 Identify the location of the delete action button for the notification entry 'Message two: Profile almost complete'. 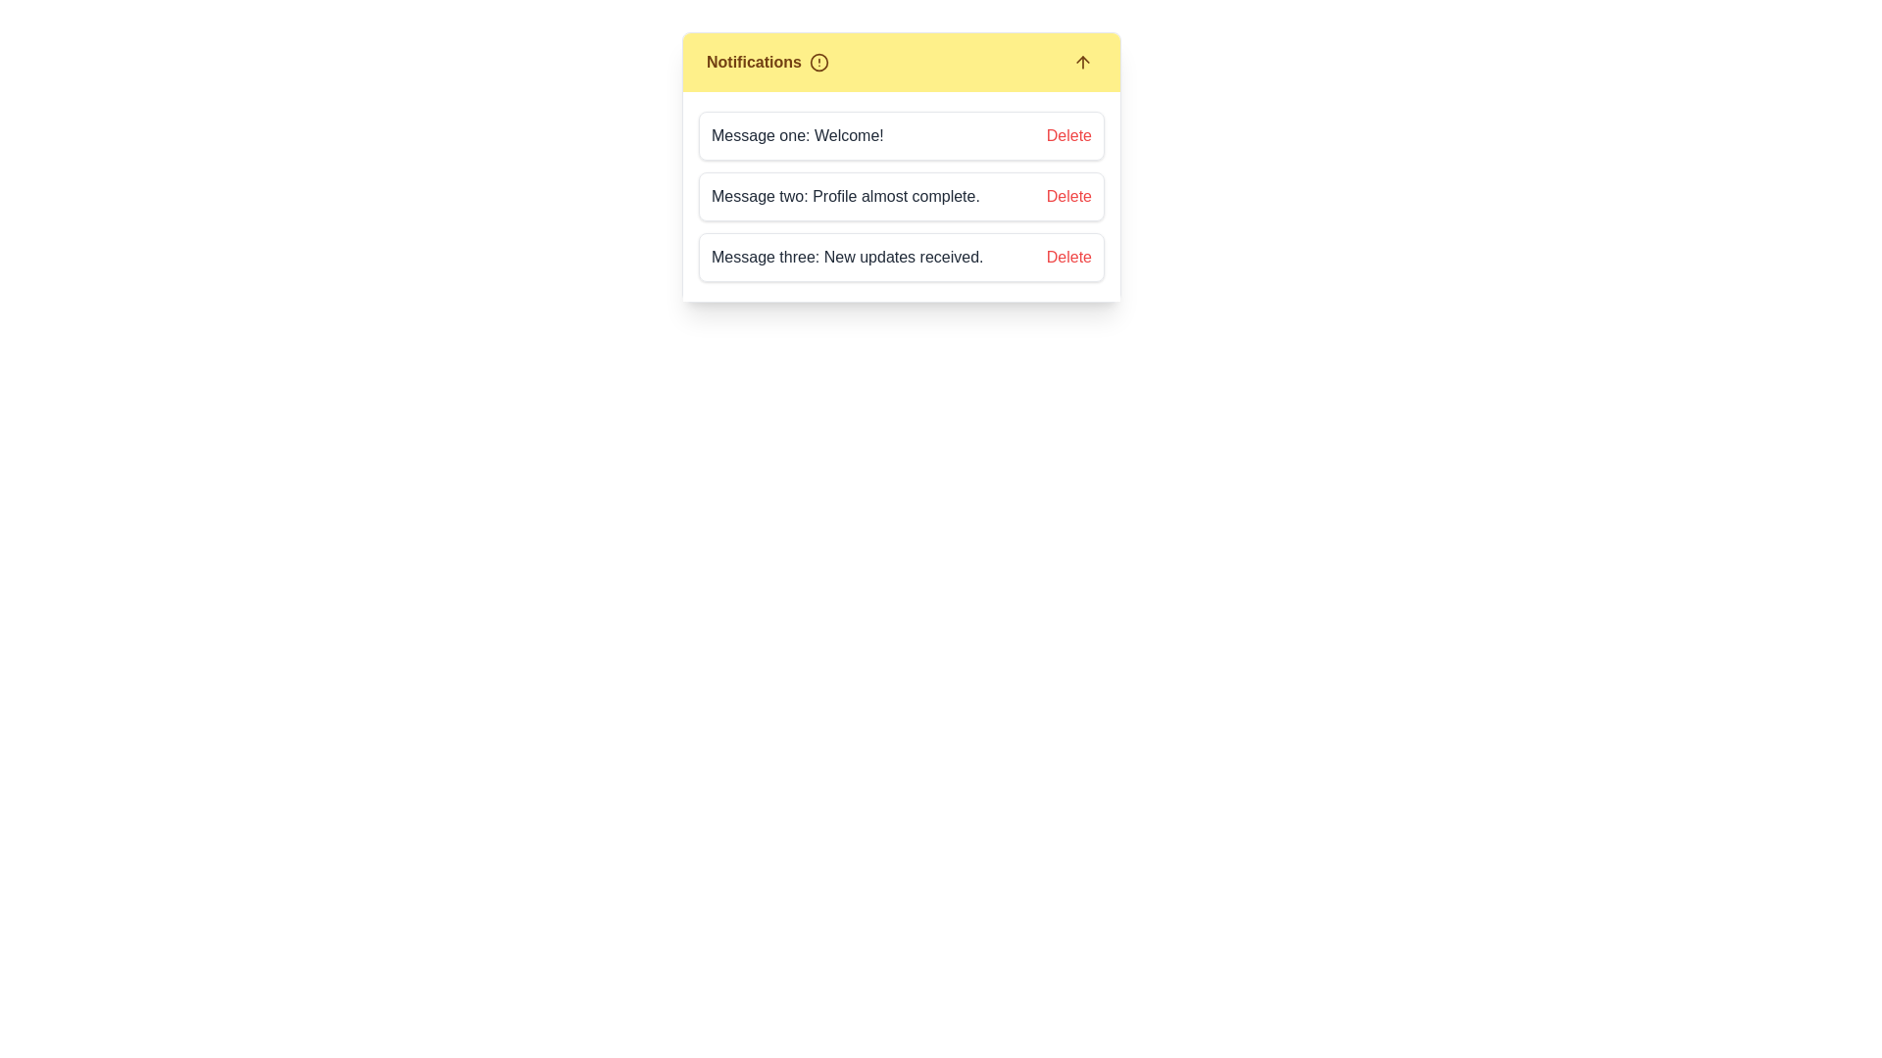
(1067, 196).